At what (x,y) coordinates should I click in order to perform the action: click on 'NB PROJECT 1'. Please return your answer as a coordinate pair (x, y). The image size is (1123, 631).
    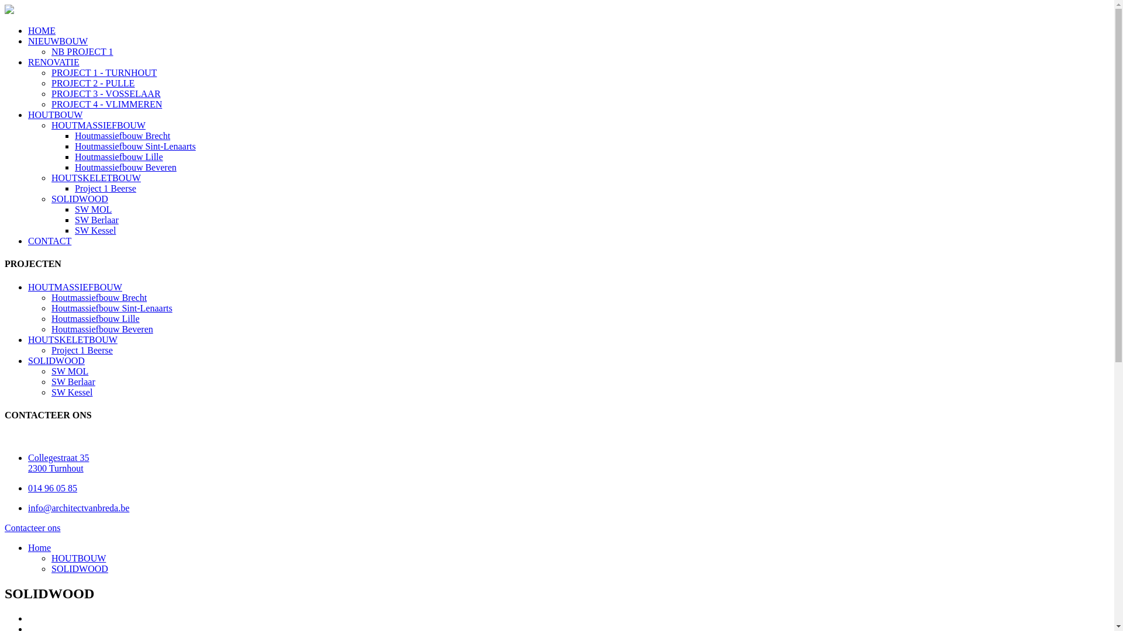
    Looking at the image, I should click on (81, 51).